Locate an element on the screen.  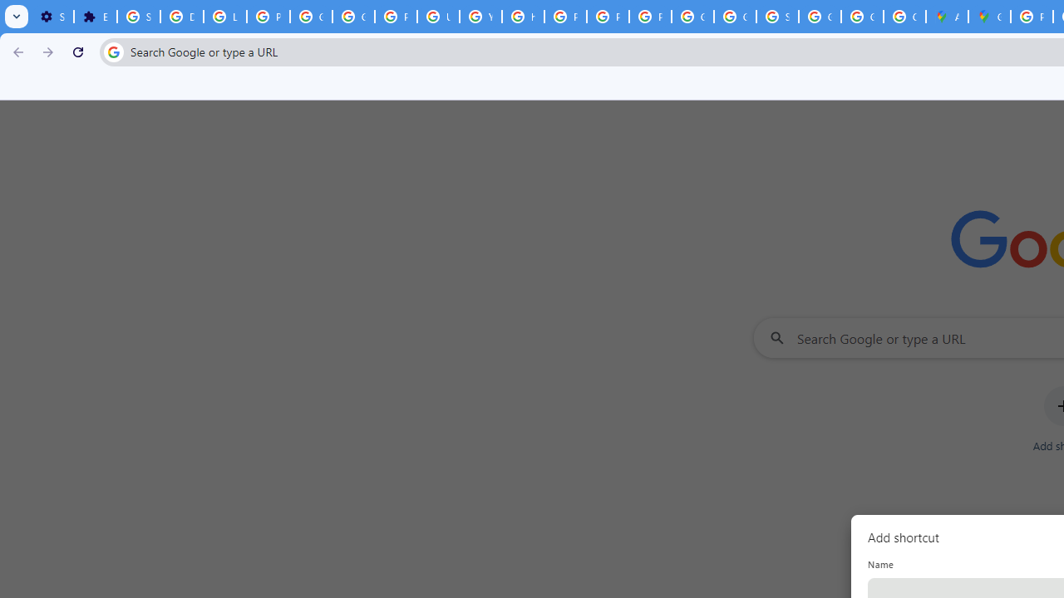
'Delete photos & videos - Computer - Google Photos Help' is located at coordinates (181, 17).